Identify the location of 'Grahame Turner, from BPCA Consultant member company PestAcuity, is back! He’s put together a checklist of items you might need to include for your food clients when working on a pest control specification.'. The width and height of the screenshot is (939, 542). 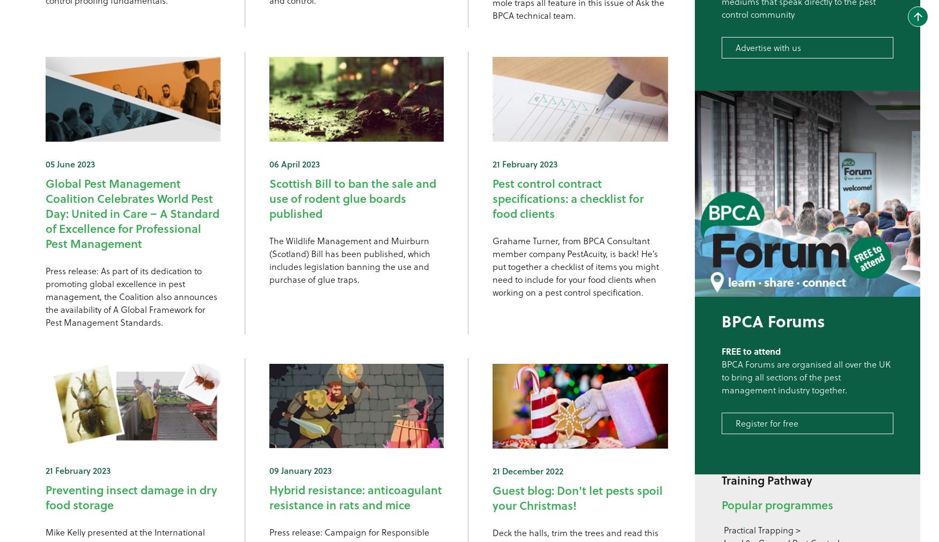
(575, 266).